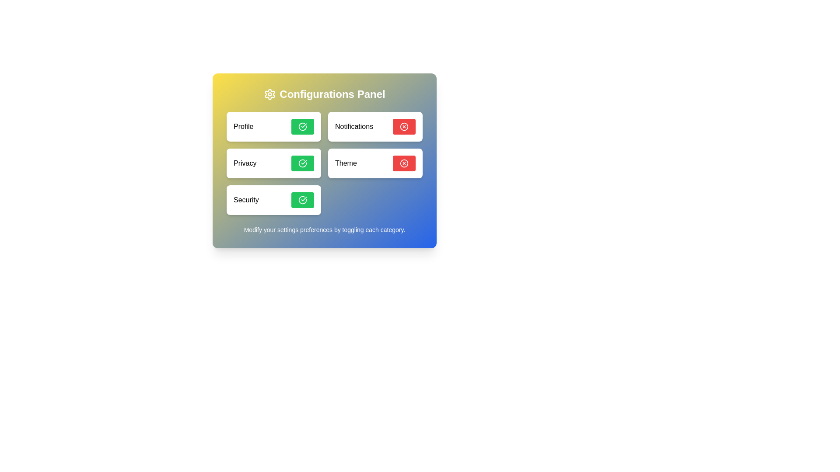  What do you see at coordinates (345, 163) in the screenshot?
I see `the 'Theme' text label, which is a medium-sized, bold font label located in the third row of a configuration panel card, positioned slightly to the left of a red button` at bounding box center [345, 163].